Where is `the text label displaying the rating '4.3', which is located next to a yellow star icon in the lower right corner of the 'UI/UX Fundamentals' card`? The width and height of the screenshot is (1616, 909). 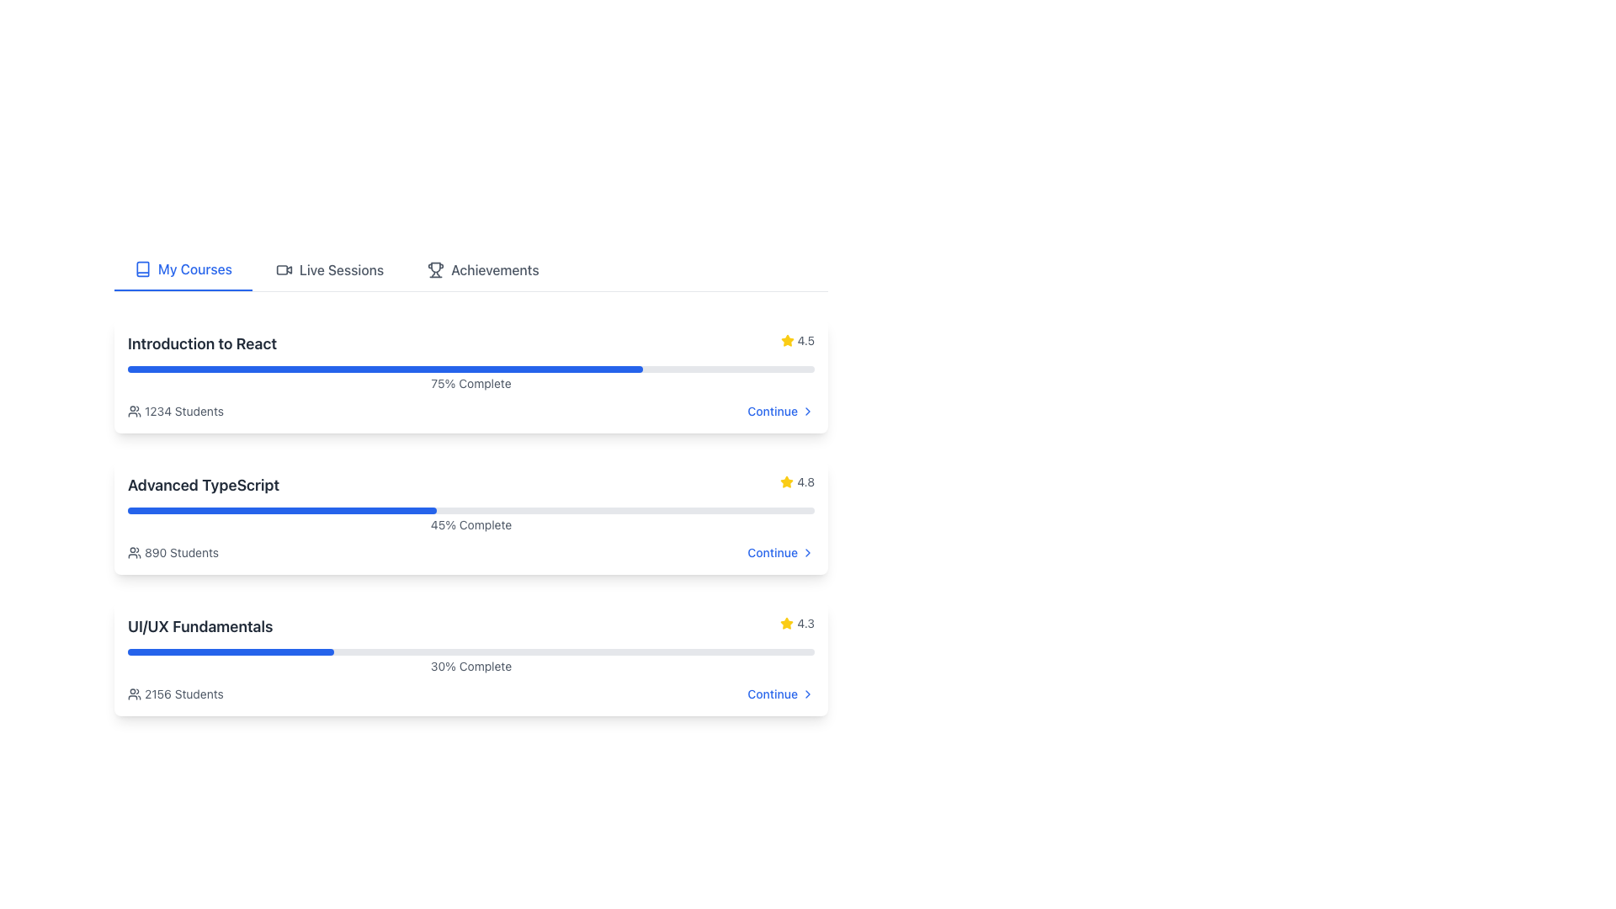 the text label displaying the rating '4.3', which is located next to a yellow star icon in the lower right corner of the 'UI/UX Fundamentals' card is located at coordinates (796, 623).